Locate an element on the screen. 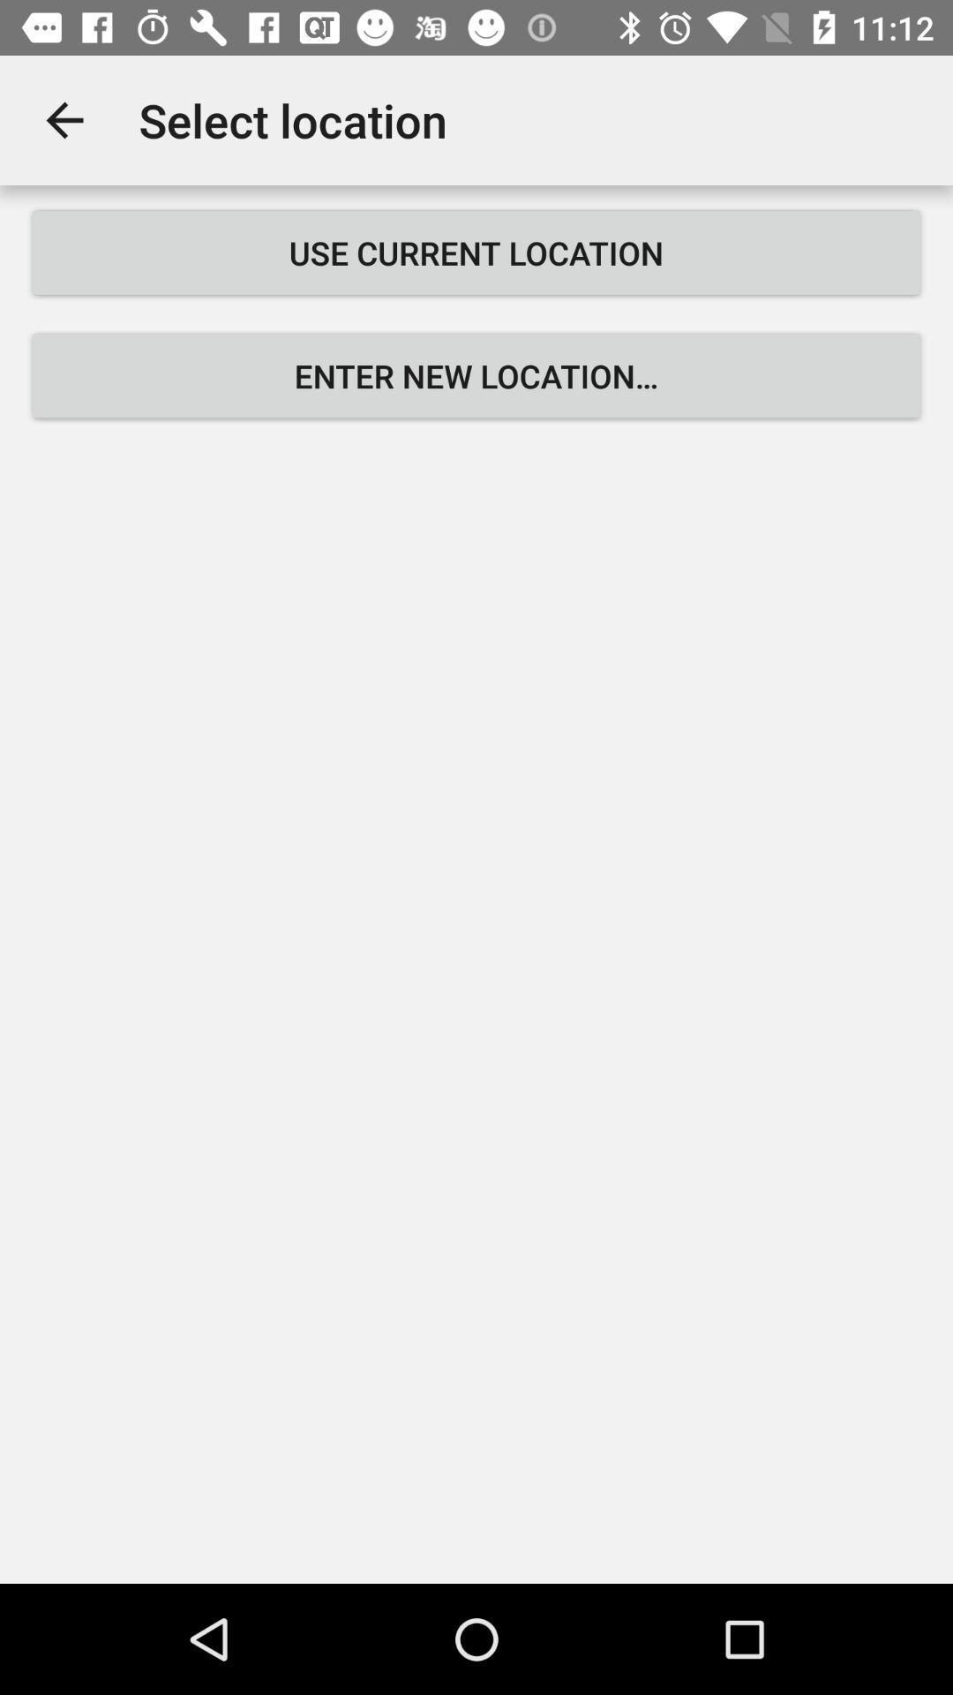 Image resolution: width=953 pixels, height=1695 pixels. the item to the left of select location app is located at coordinates (64, 119).